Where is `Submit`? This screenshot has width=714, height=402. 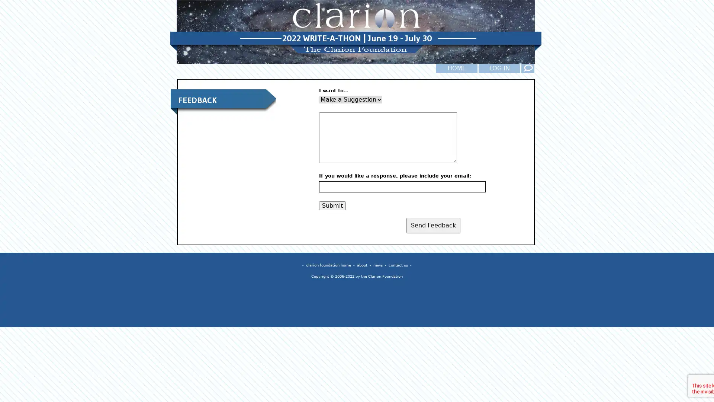
Submit is located at coordinates (332, 205).